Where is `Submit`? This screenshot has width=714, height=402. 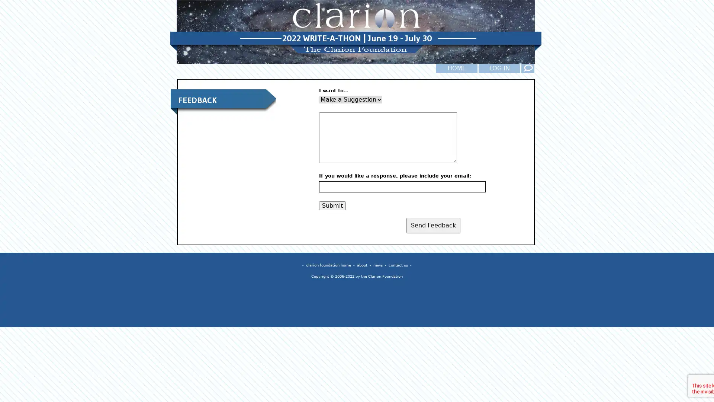
Submit is located at coordinates (332, 205).